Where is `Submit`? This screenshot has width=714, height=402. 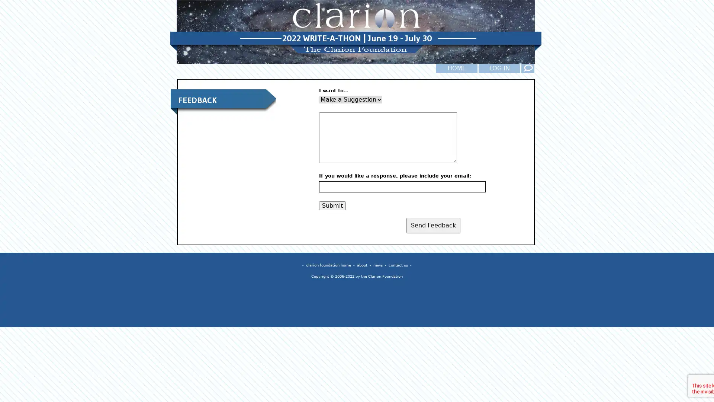
Submit is located at coordinates (332, 205).